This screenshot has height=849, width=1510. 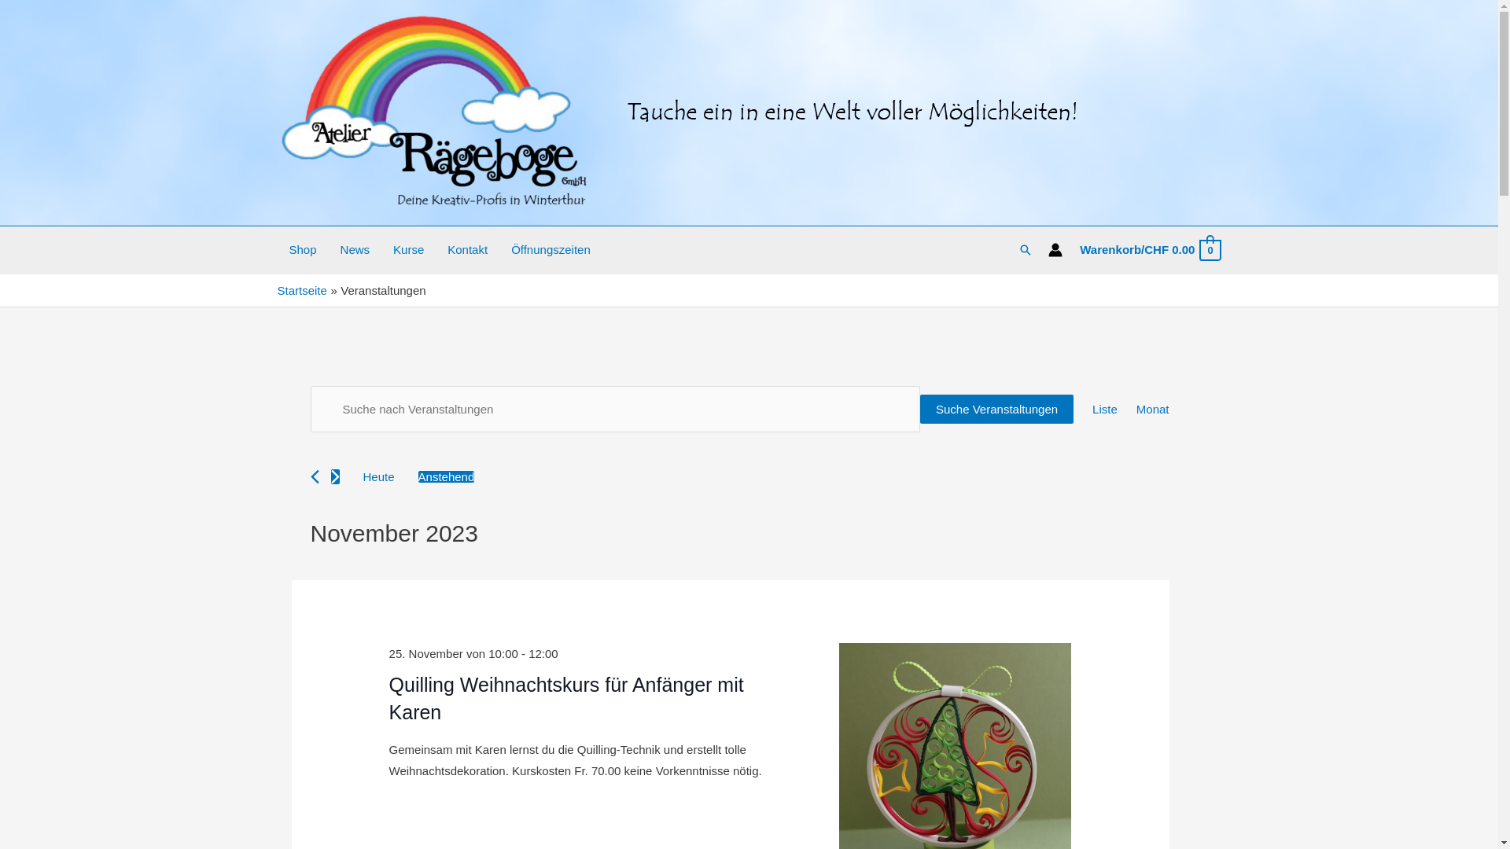 I want to click on 'Heute', so click(x=377, y=476).